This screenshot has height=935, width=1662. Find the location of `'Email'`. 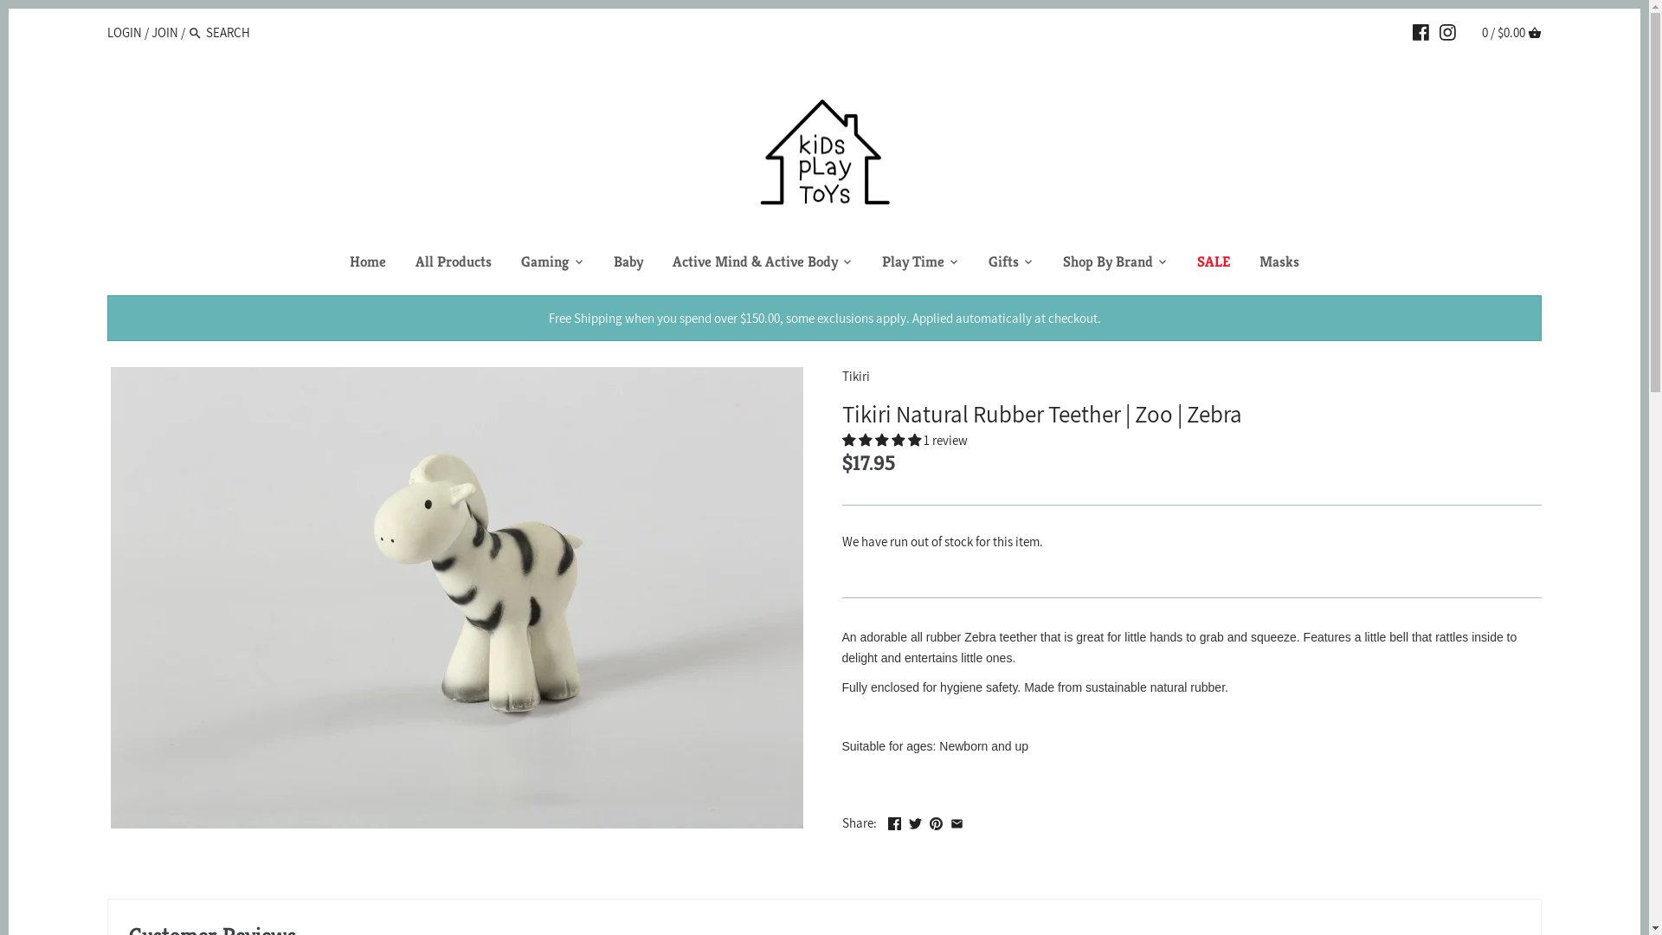

'Email' is located at coordinates (956, 820).